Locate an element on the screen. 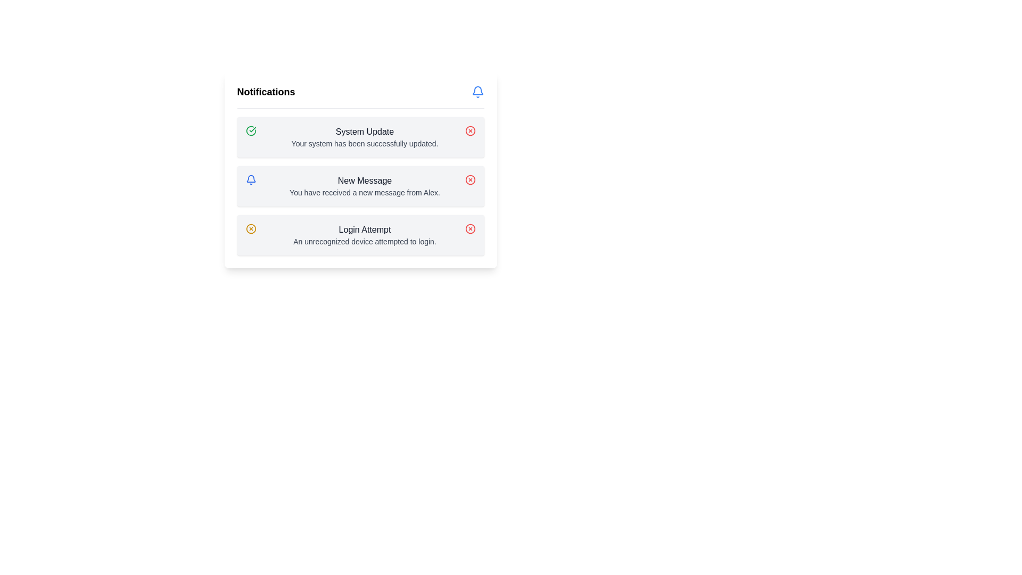 The height and width of the screenshot is (575, 1022). the circular red outlined icon with an 'x' symbol in the middle, located in the lower-right corner of the 'Login Attempt' notification card is located at coordinates (469, 228).